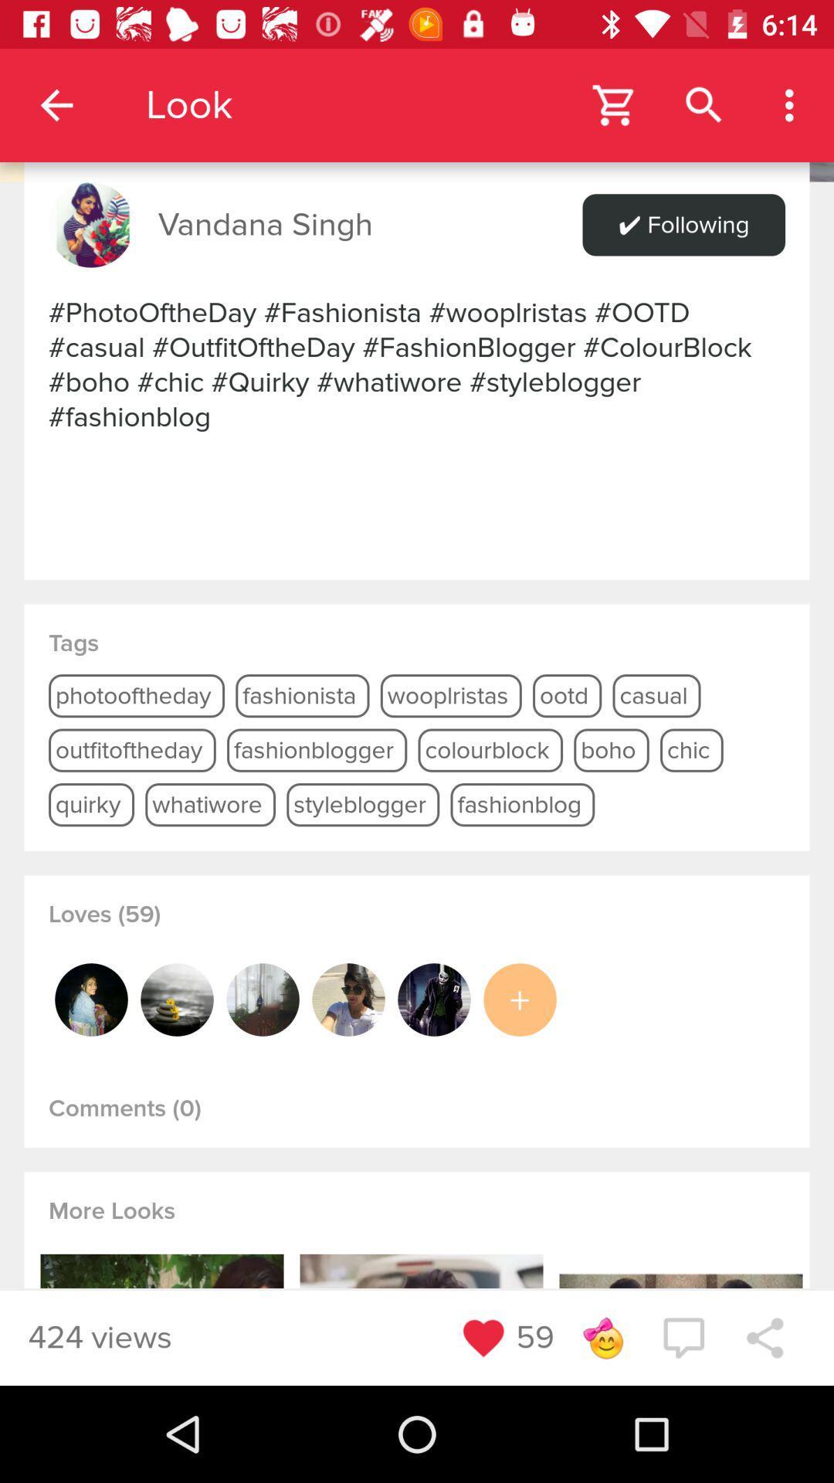 The height and width of the screenshot is (1483, 834). I want to click on item to the left of the vandana singh icon, so click(91, 224).